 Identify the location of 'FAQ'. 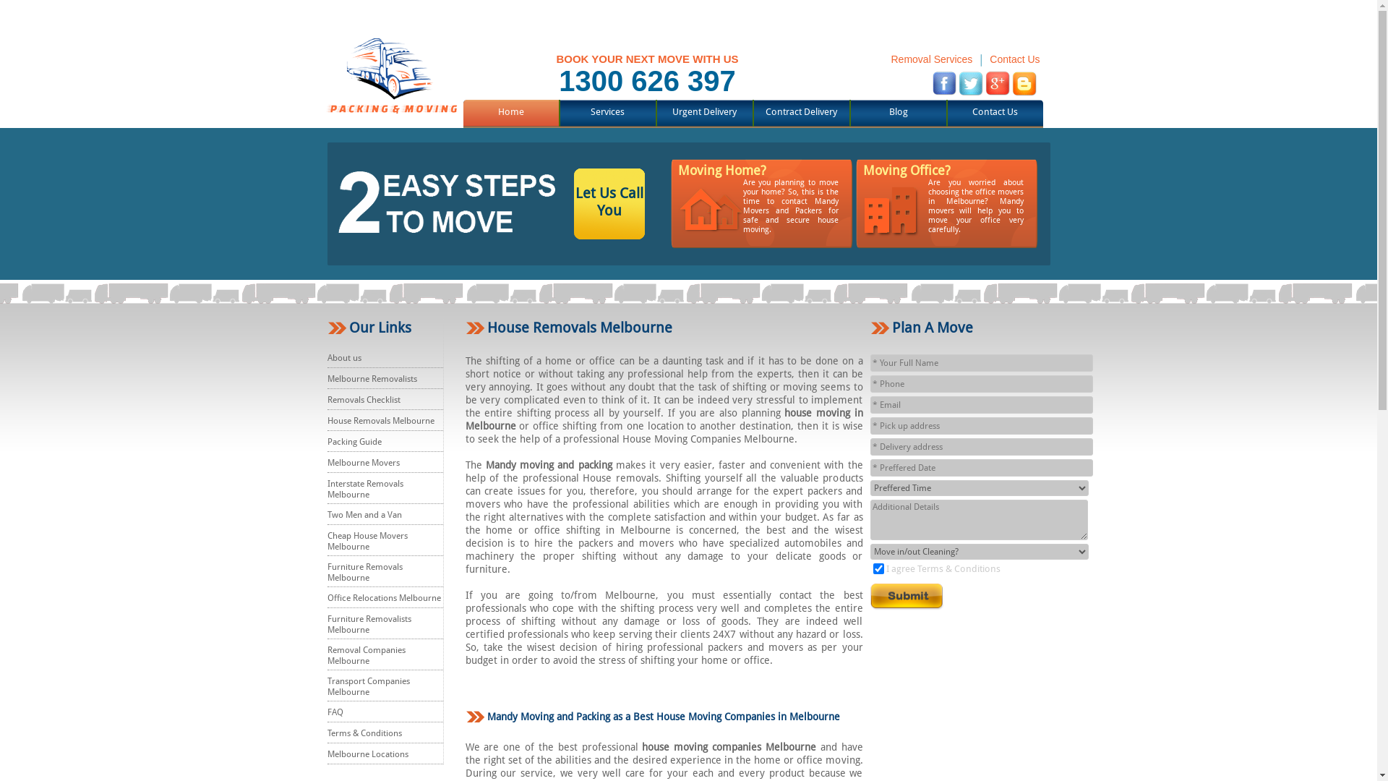
(333, 711).